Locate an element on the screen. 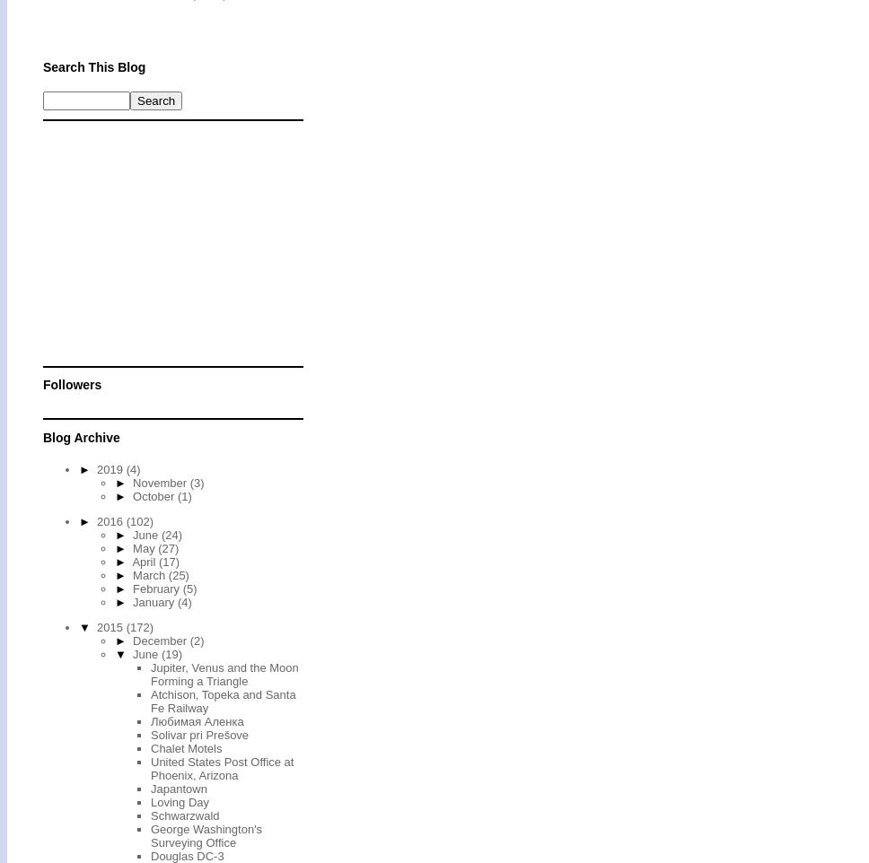 This screenshot has height=863, width=869. 'May' is located at coordinates (145, 546).